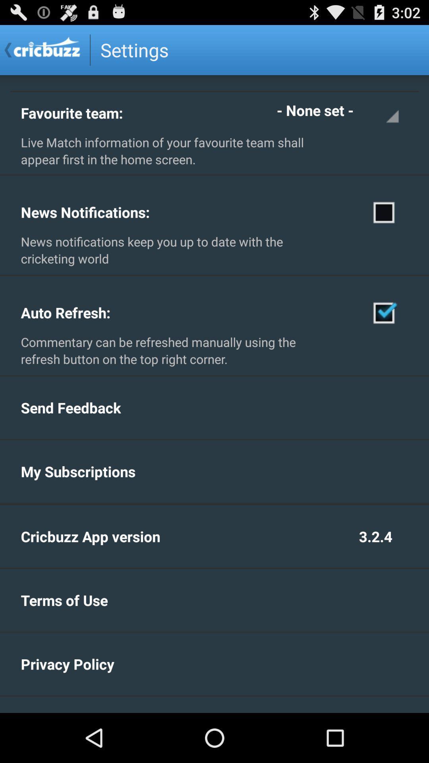 This screenshot has height=763, width=429. What do you see at coordinates (384, 212) in the screenshot?
I see `notification checkbox` at bounding box center [384, 212].